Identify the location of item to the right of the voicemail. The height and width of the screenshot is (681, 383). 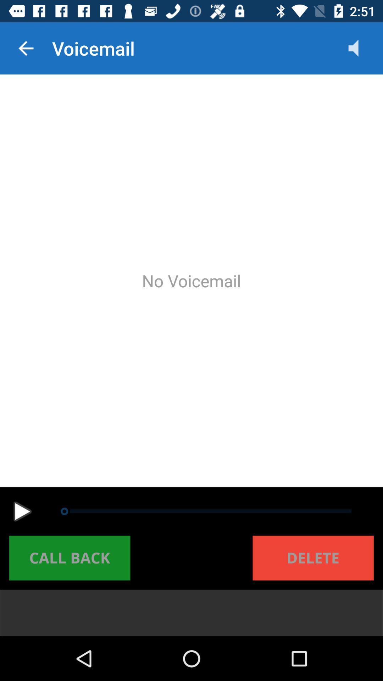
(361, 48).